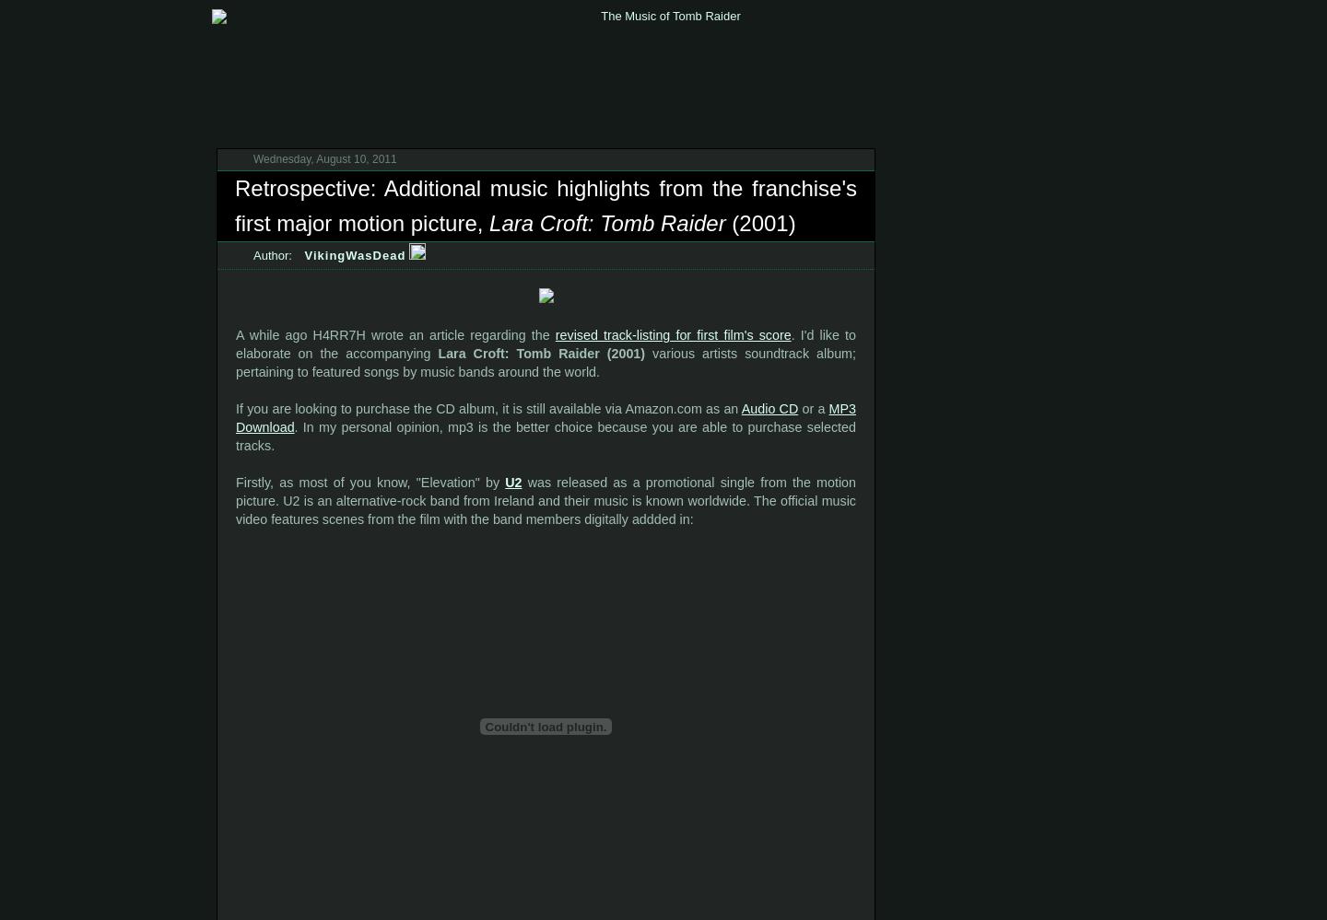 Image resolution: width=1327 pixels, height=920 pixels. What do you see at coordinates (541, 354) in the screenshot?
I see `'Lara Croft: Tomb Raider (2001)'` at bounding box center [541, 354].